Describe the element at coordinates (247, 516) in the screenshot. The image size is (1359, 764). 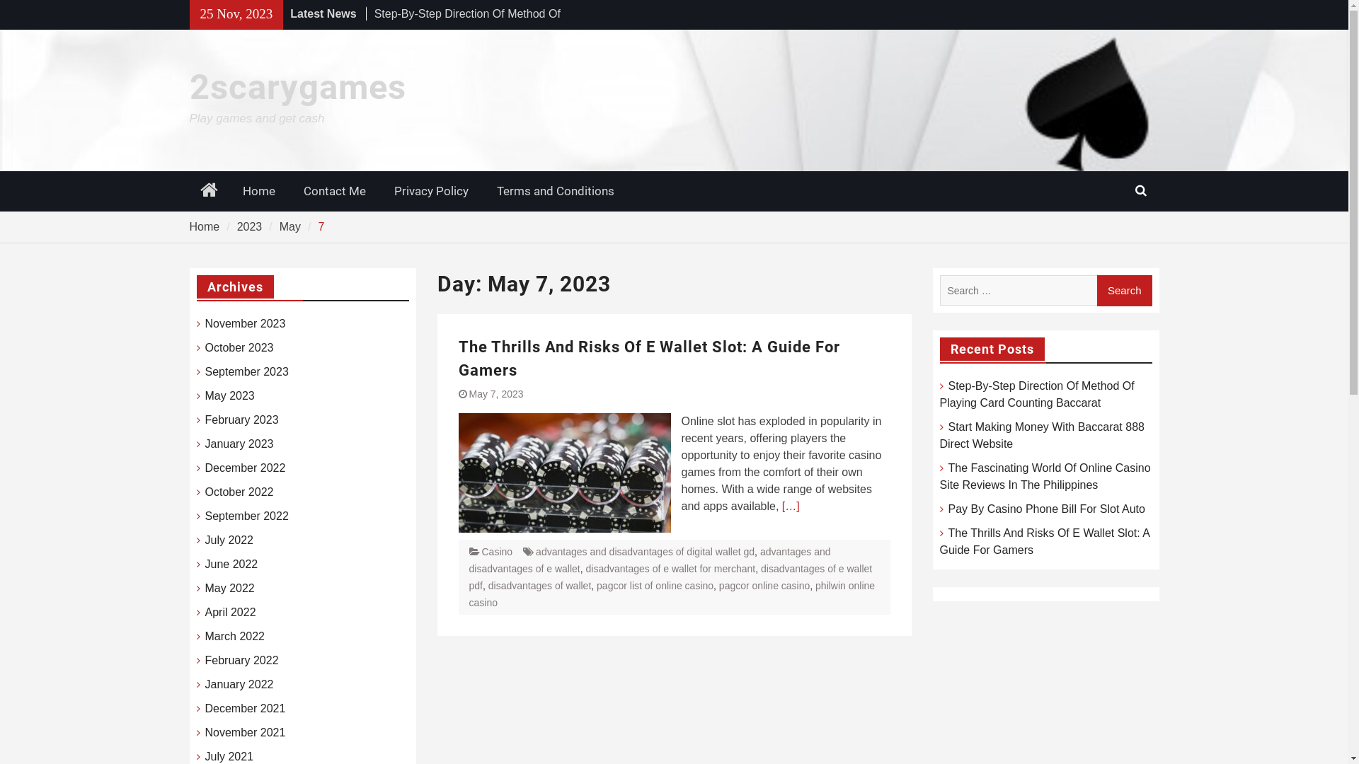
I see `'September 2022'` at that location.